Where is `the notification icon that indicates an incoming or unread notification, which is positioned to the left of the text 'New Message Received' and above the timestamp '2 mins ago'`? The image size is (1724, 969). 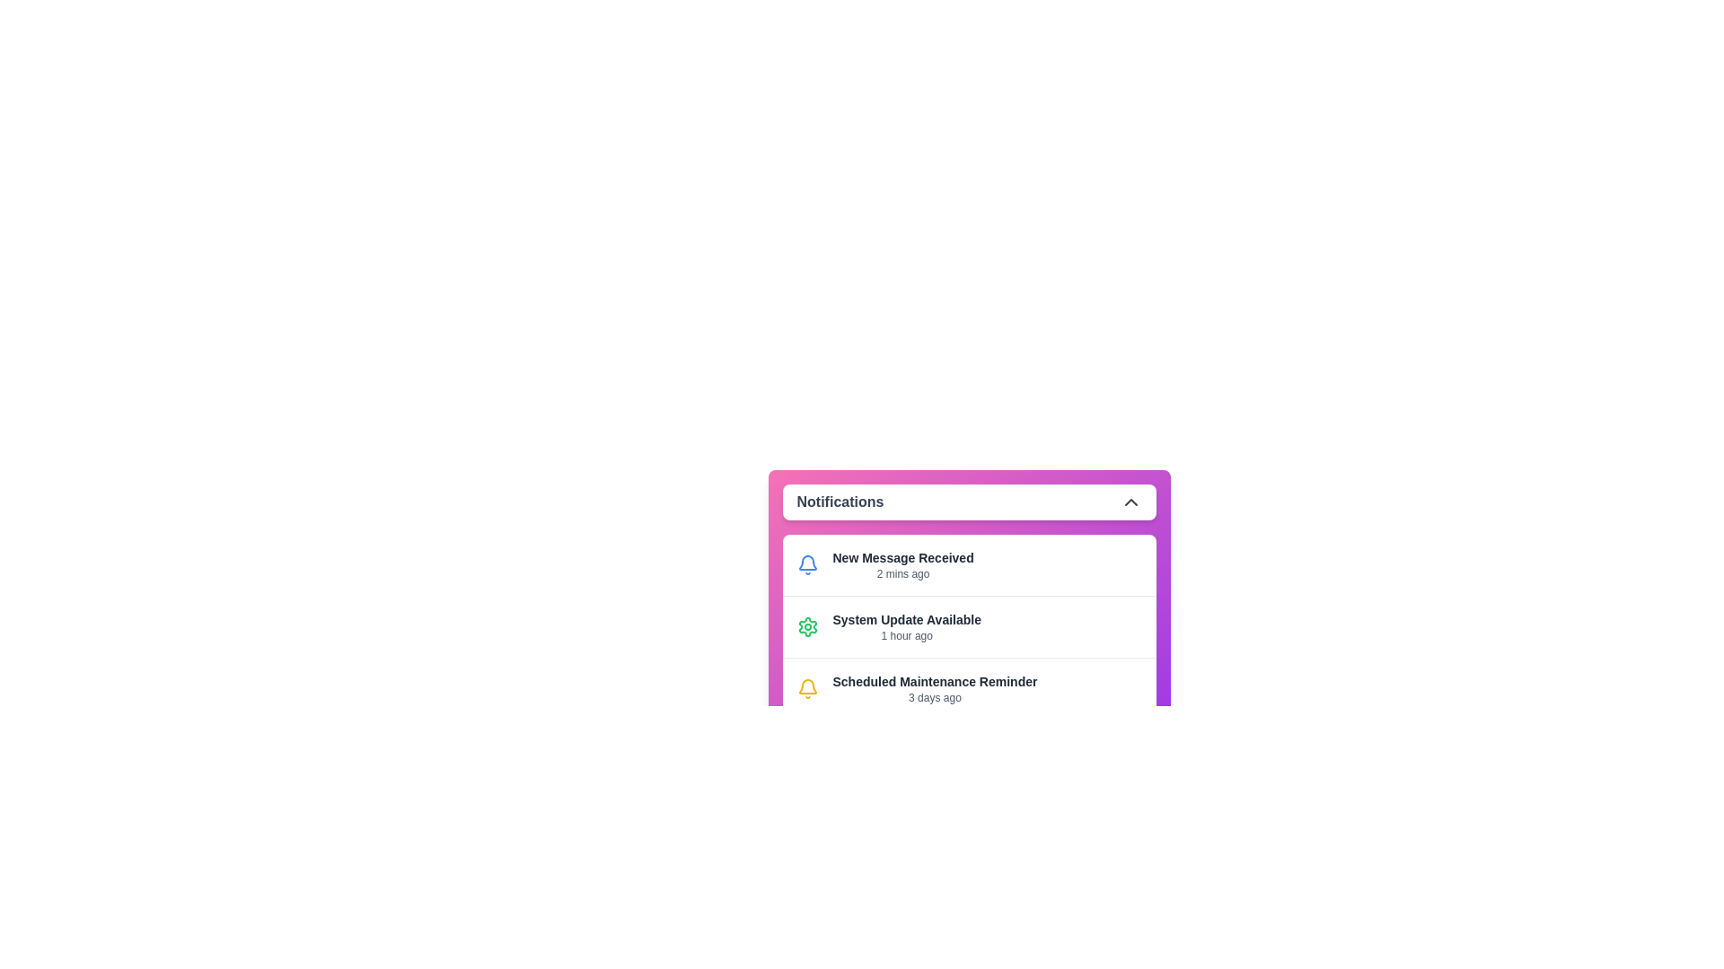 the notification icon that indicates an incoming or unread notification, which is positioned to the left of the text 'New Message Received' and above the timestamp '2 mins ago' is located at coordinates (806, 563).